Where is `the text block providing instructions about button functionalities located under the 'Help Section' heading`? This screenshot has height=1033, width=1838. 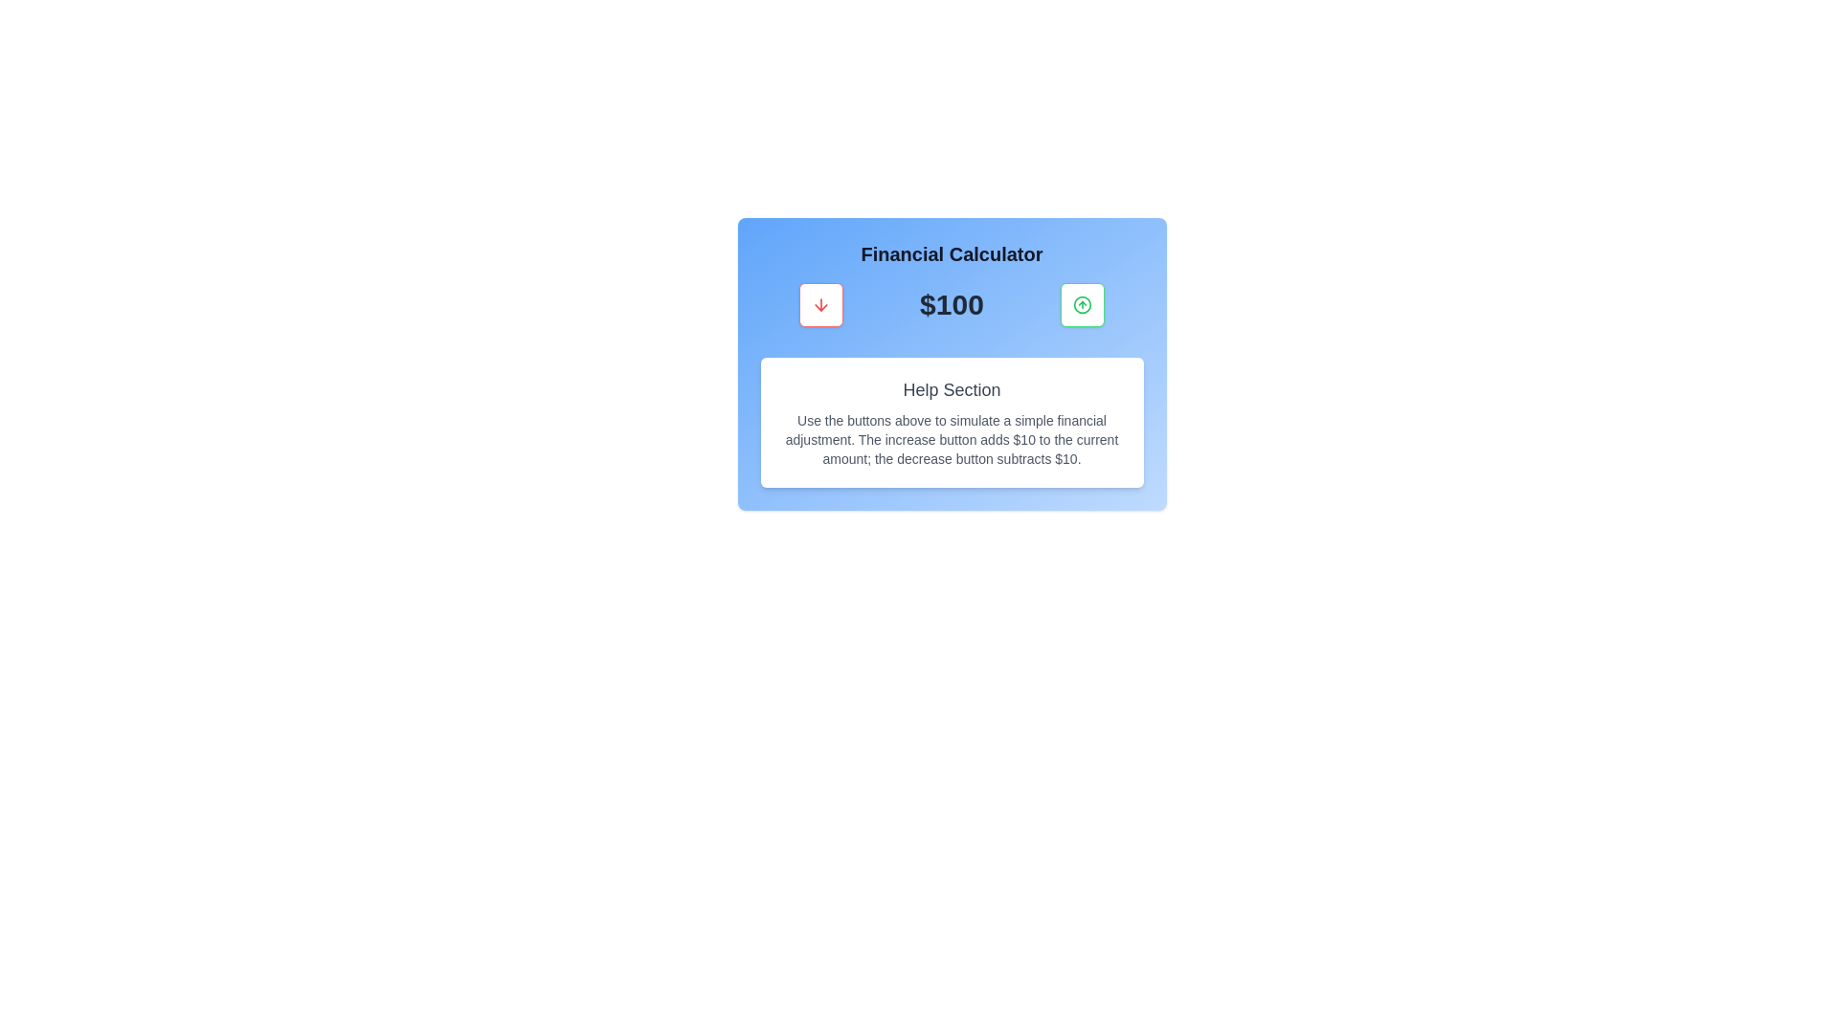 the text block providing instructions about button functionalities located under the 'Help Section' heading is located at coordinates (952, 439).